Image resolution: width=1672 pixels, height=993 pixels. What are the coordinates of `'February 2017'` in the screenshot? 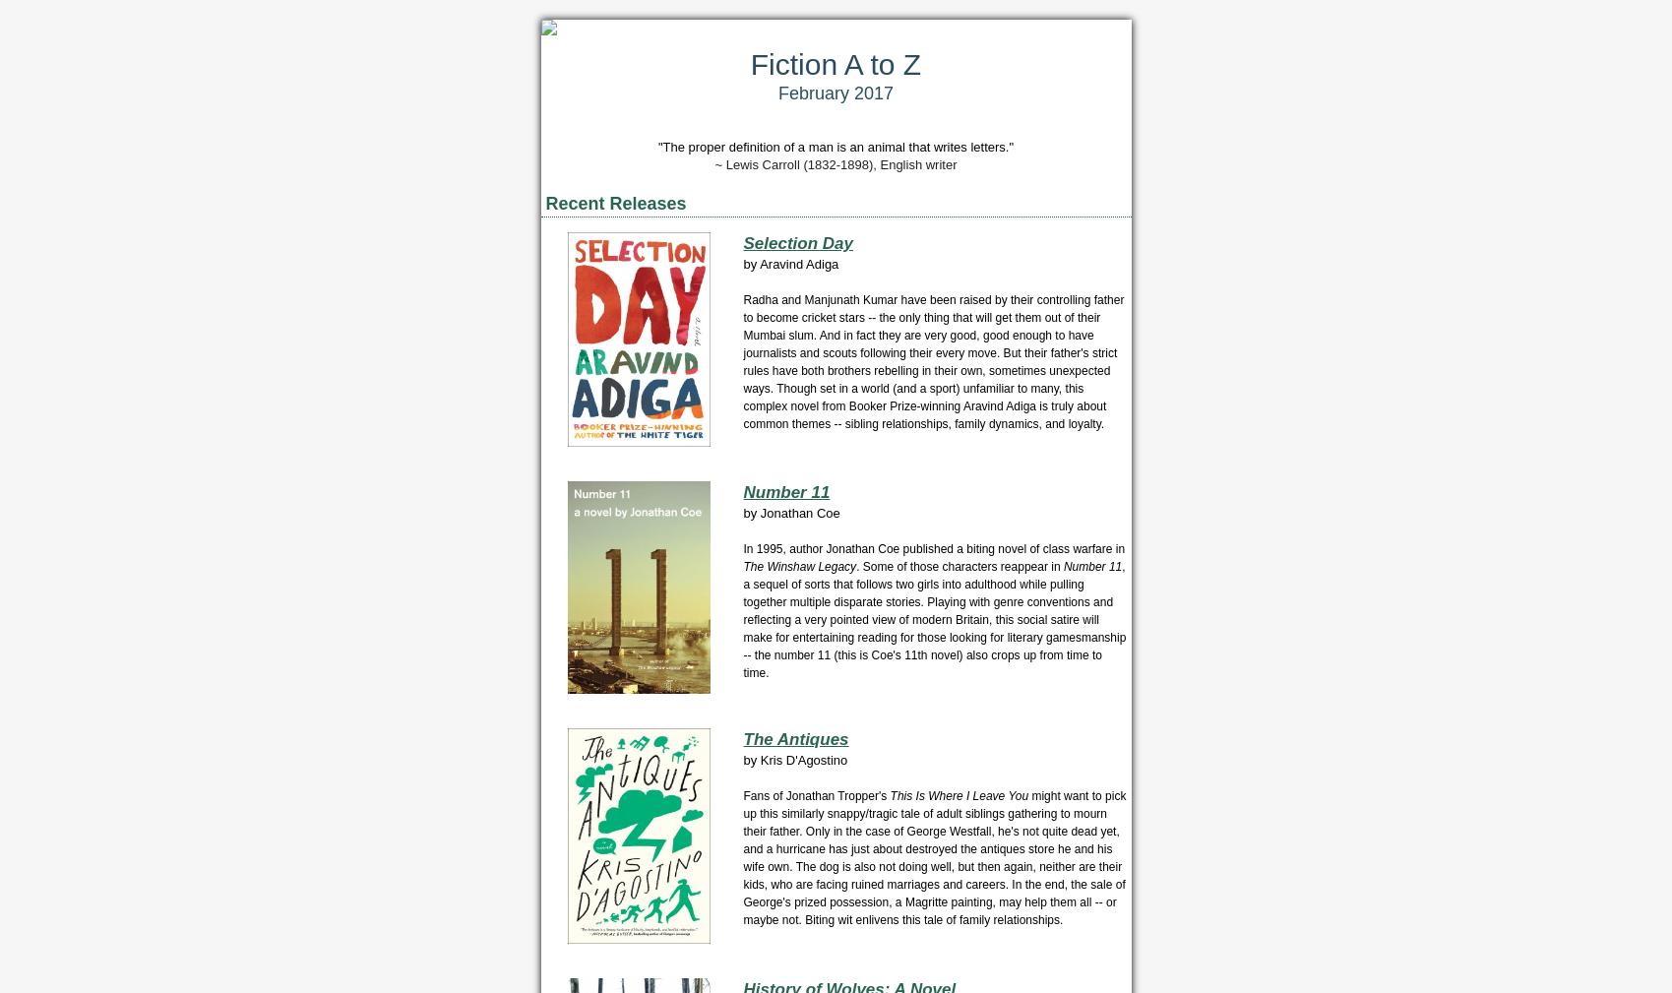 It's located at (777, 93).